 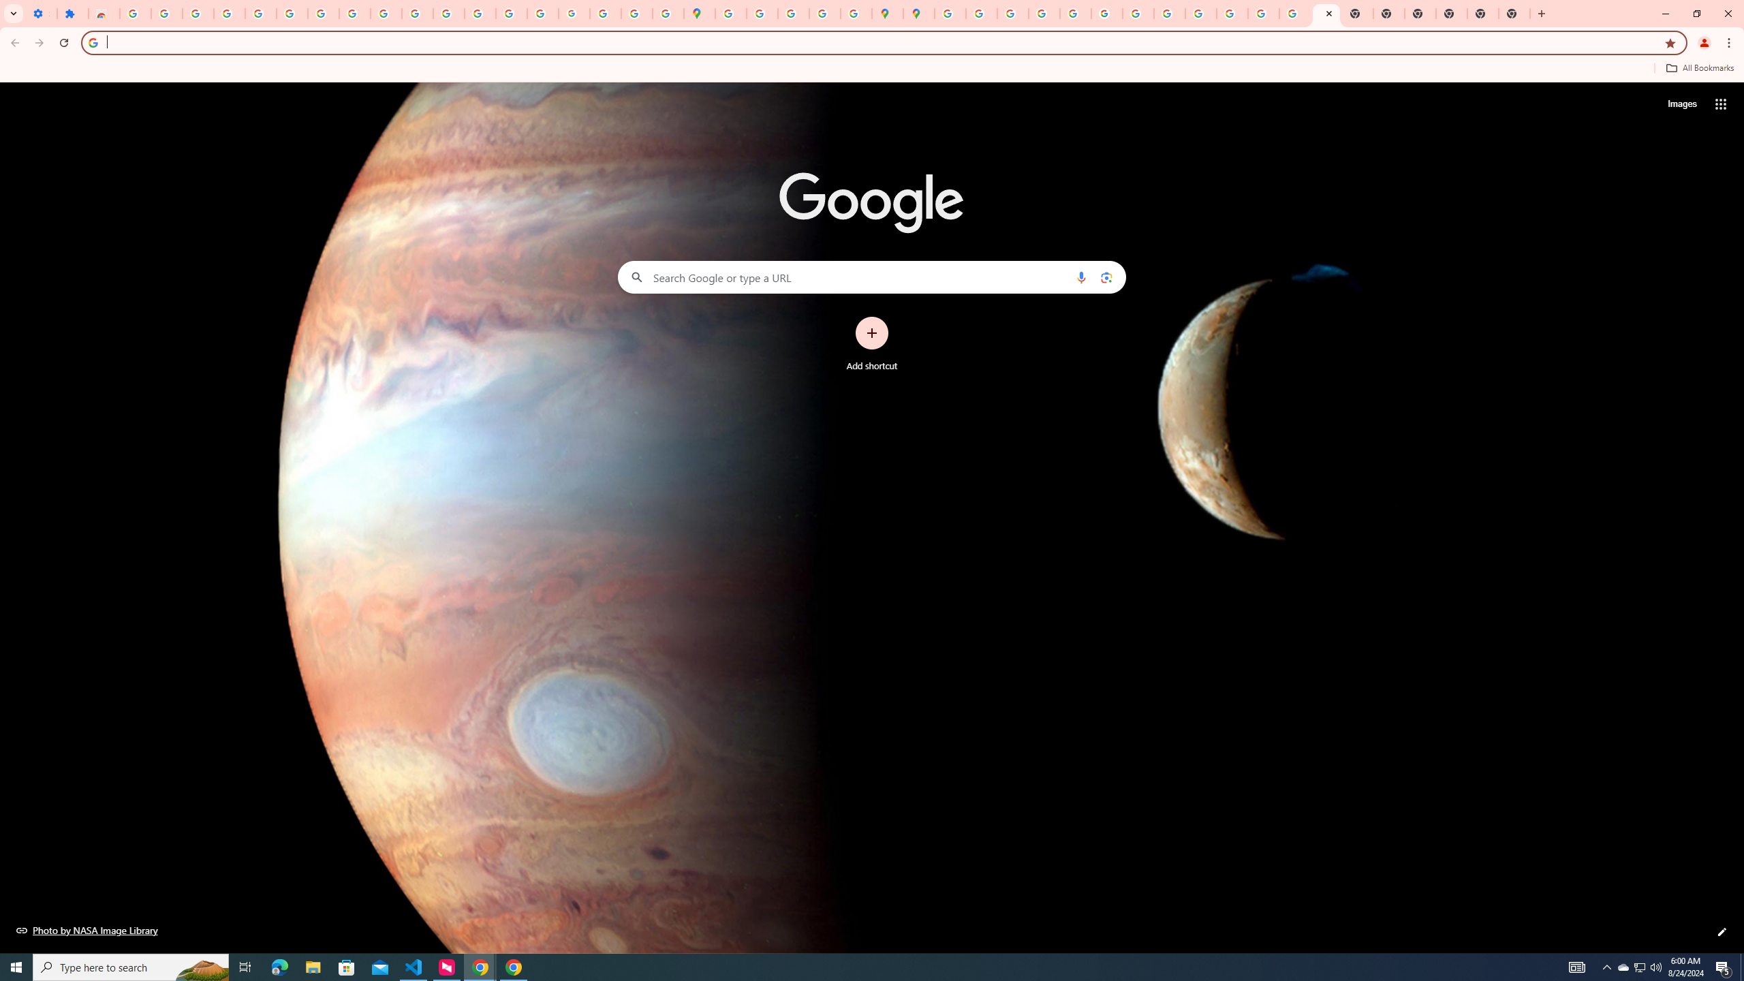 What do you see at coordinates (700, 13) in the screenshot?
I see `'Google Maps'` at bounding box center [700, 13].